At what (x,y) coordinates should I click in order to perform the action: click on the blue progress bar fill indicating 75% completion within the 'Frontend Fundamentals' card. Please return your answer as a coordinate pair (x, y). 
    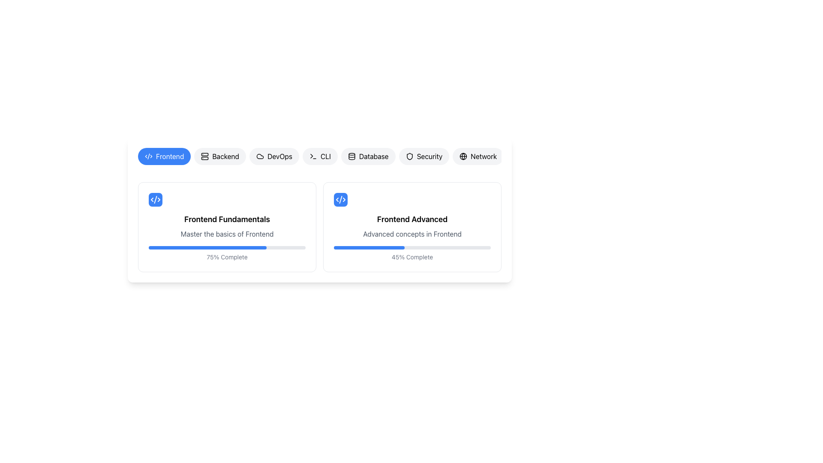
    Looking at the image, I should click on (207, 248).